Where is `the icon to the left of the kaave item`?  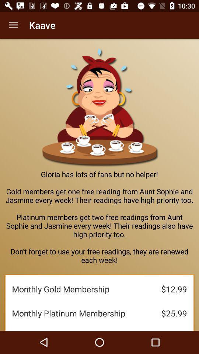 the icon to the left of the kaave item is located at coordinates (13, 25).